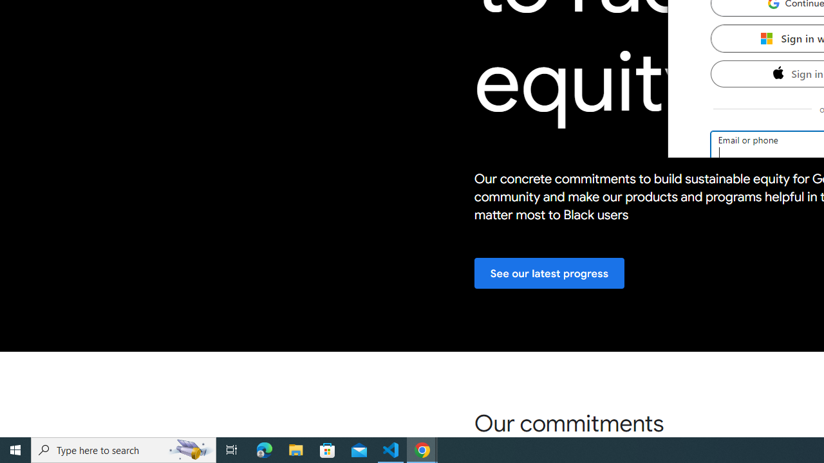 The height and width of the screenshot is (463, 824). What do you see at coordinates (422, 449) in the screenshot?
I see `'Google Chrome - 3 running windows'` at bounding box center [422, 449].